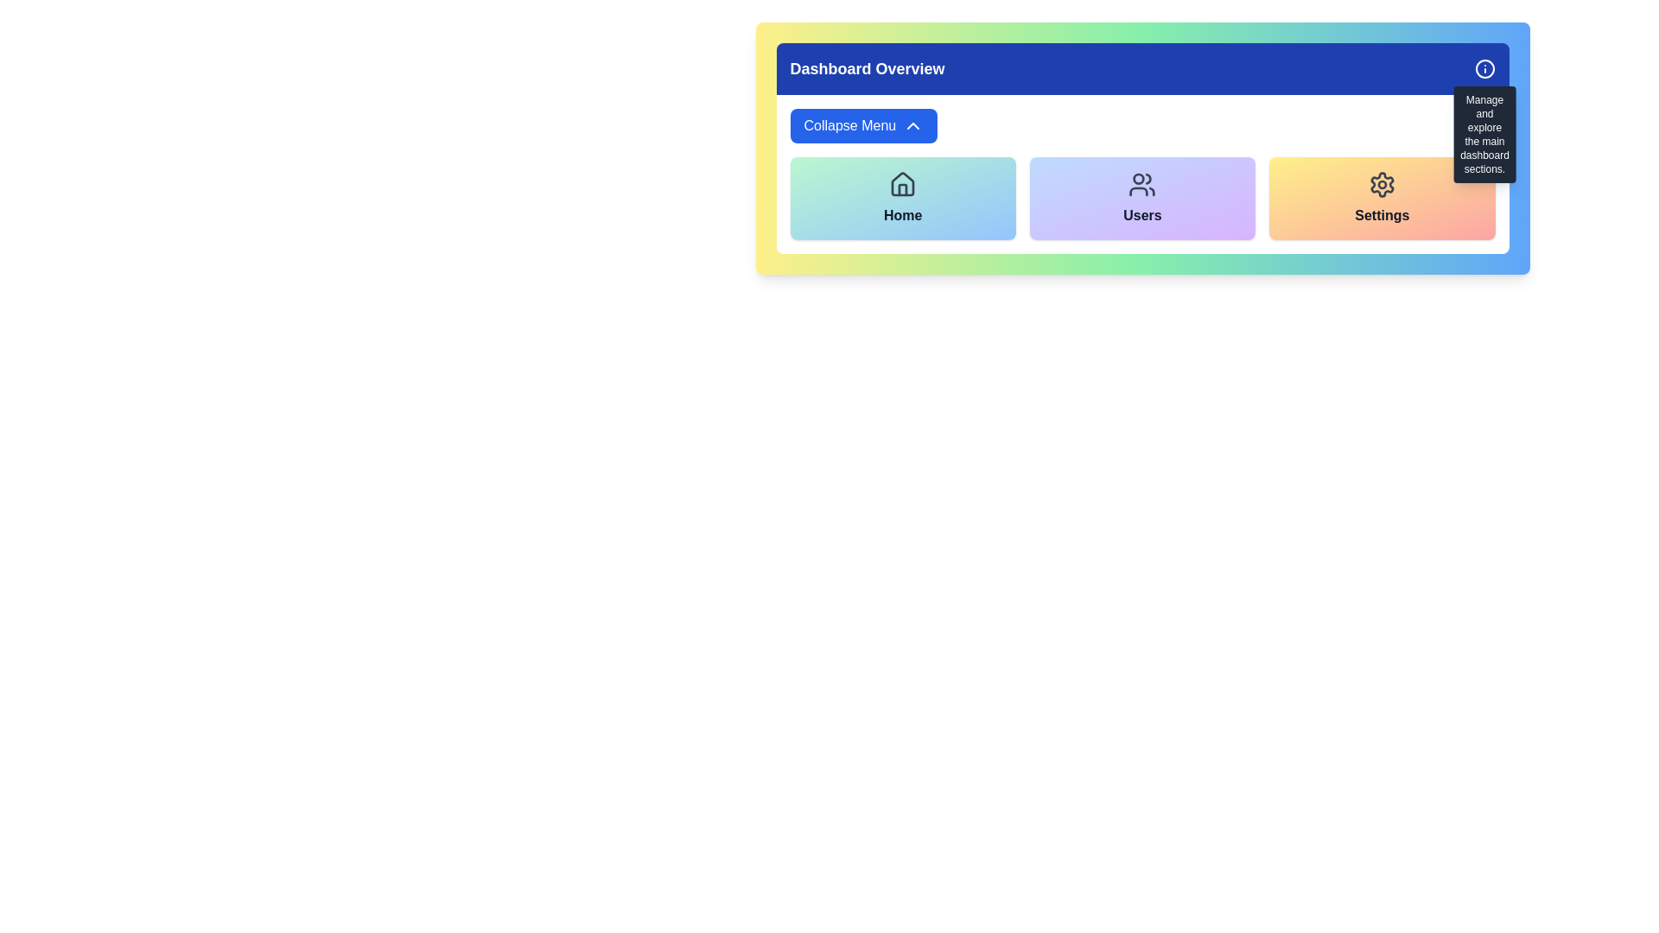  What do you see at coordinates (902, 184) in the screenshot?
I see `the Home icon located beneath the Dashboard Overview title` at bounding box center [902, 184].